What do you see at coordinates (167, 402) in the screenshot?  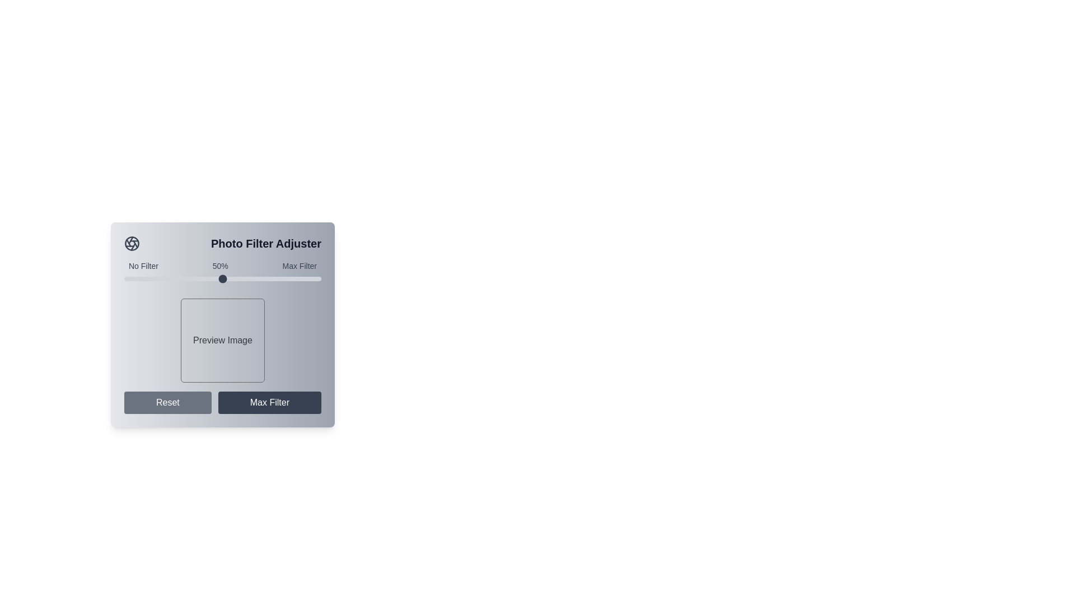 I see `the 'Reset' button, which is a rectangular button with rounded corners, styled with a gray background and white text, located at the bottom-left section of the interface` at bounding box center [167, 402].